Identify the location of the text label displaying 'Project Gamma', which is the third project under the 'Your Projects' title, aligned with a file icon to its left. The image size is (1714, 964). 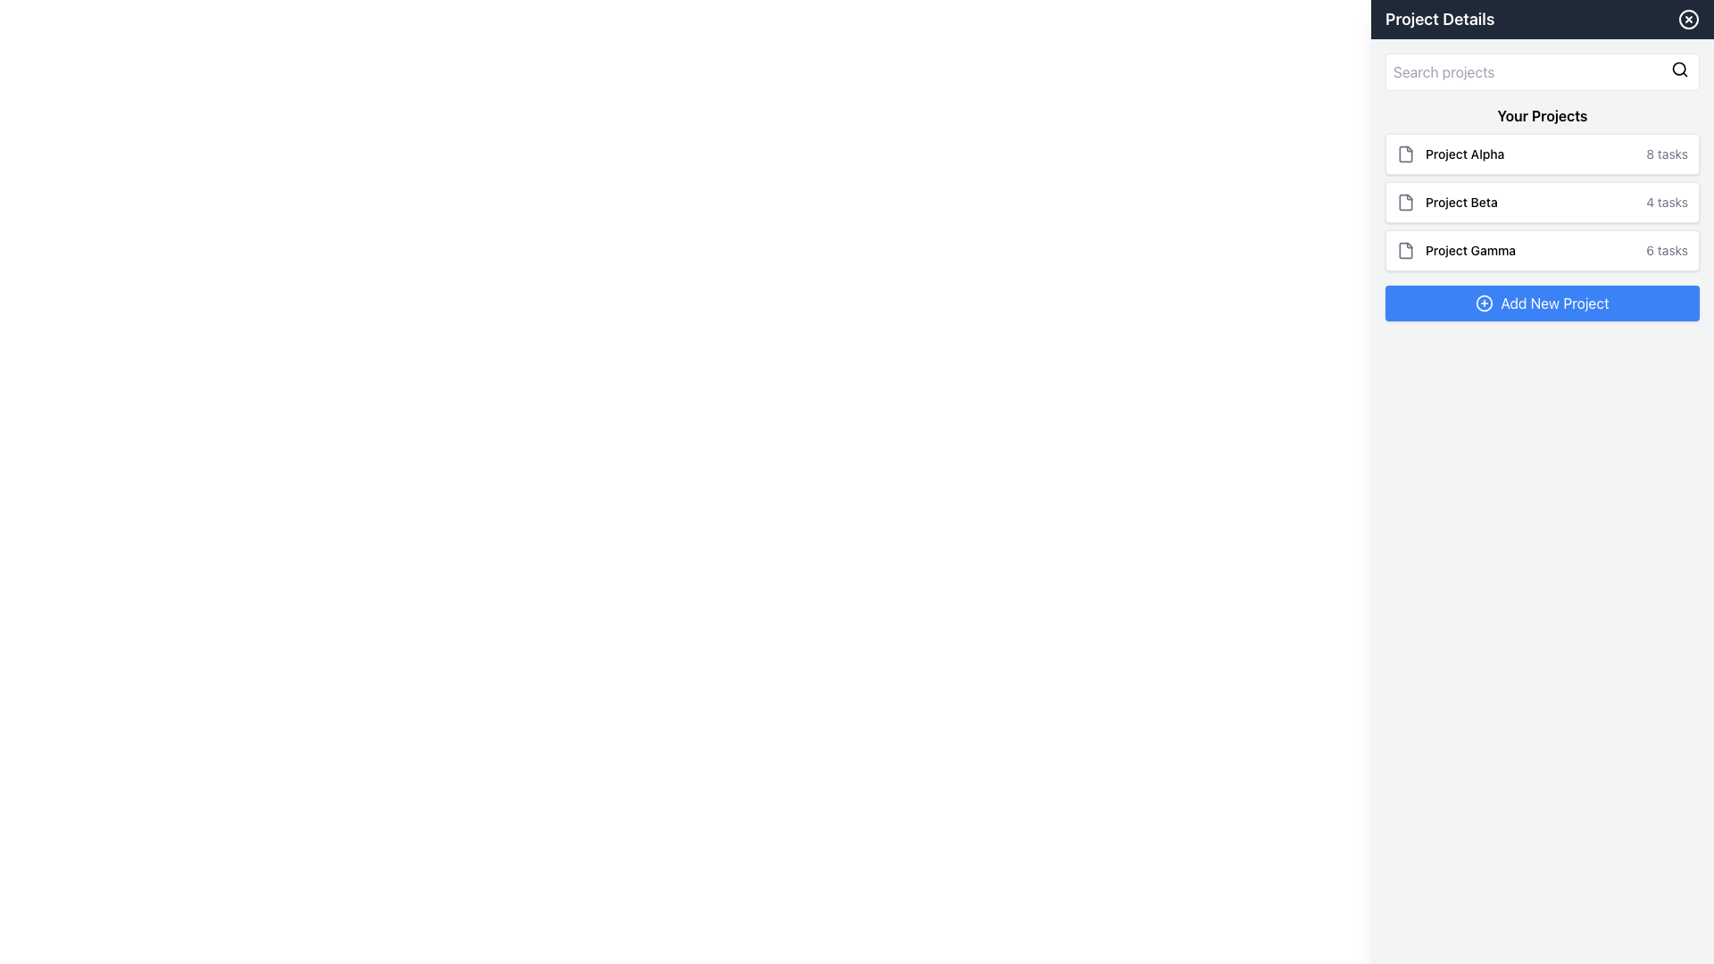
(1470, 251).